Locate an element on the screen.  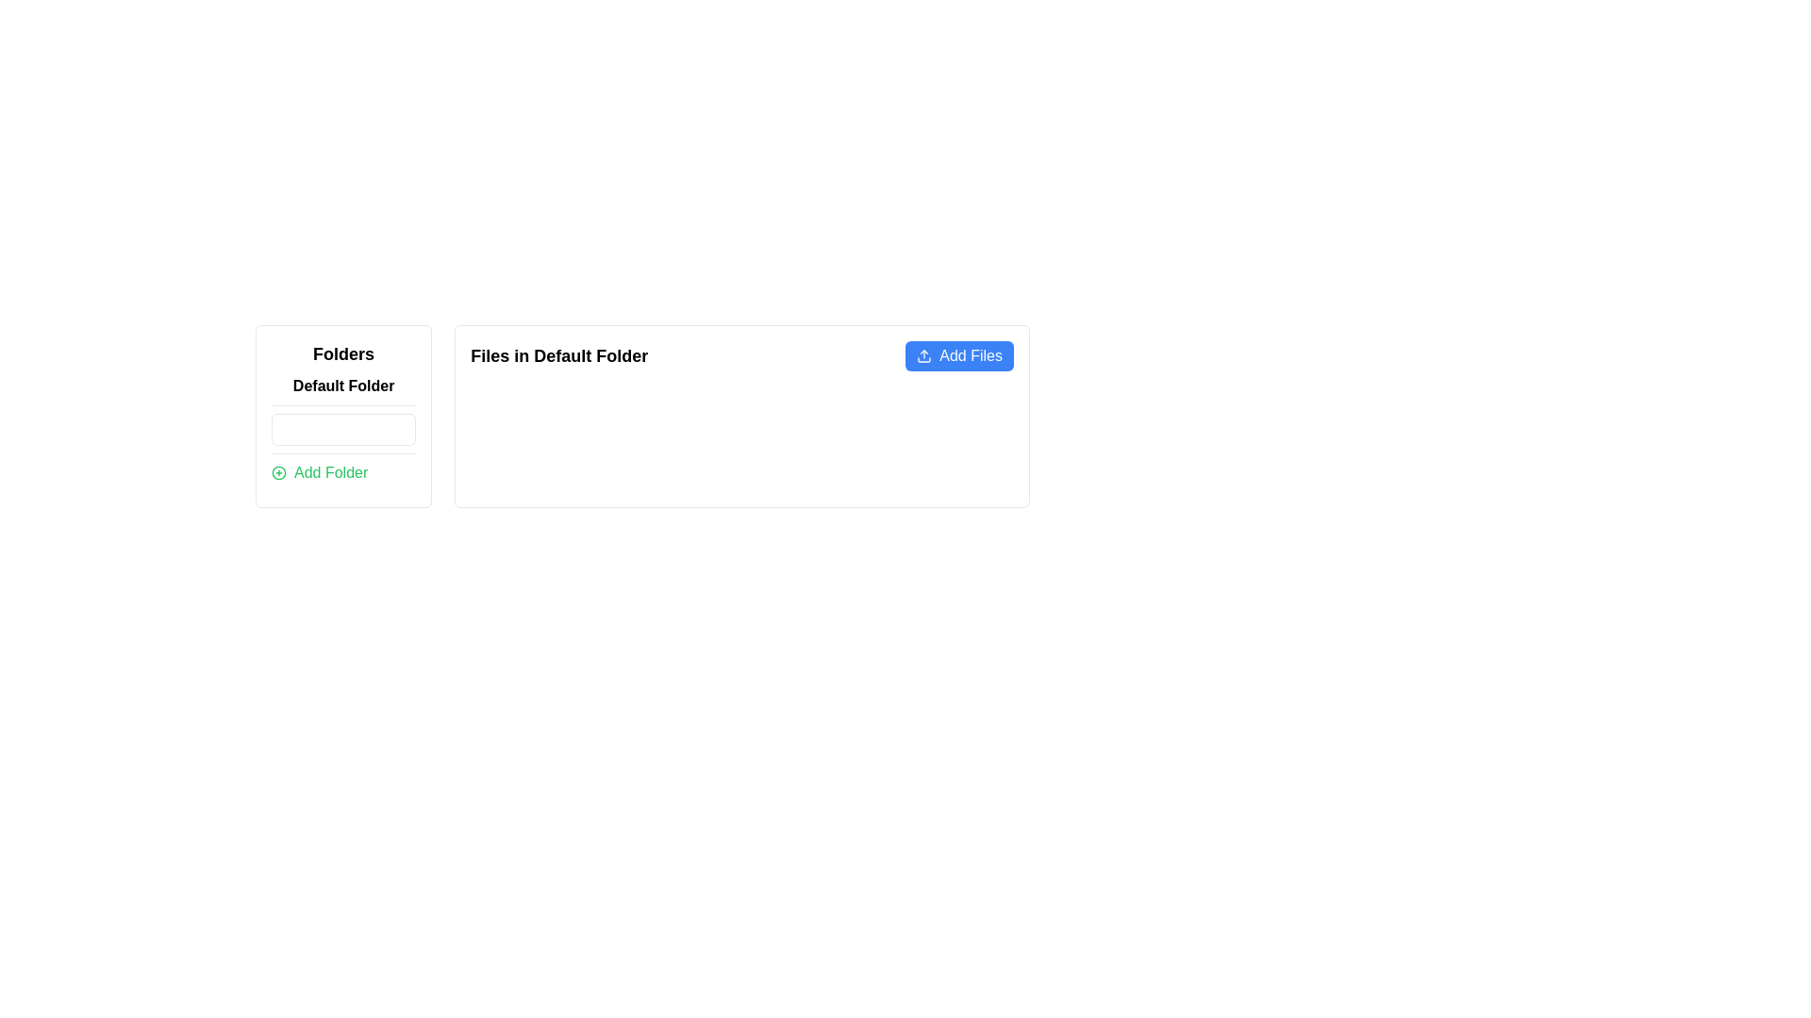
the 'Add Files' button with a blue background and white text to initiate file upload is located at coordinates (959, 356).